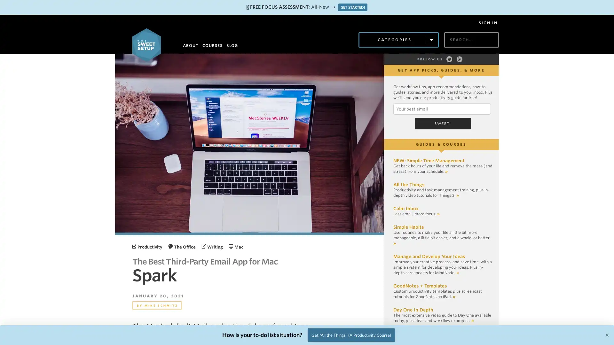  Describe the element at coordinates (351, 334) in the screenshot. I see `Get "All the Things" (A Productivity Course)` at that location.